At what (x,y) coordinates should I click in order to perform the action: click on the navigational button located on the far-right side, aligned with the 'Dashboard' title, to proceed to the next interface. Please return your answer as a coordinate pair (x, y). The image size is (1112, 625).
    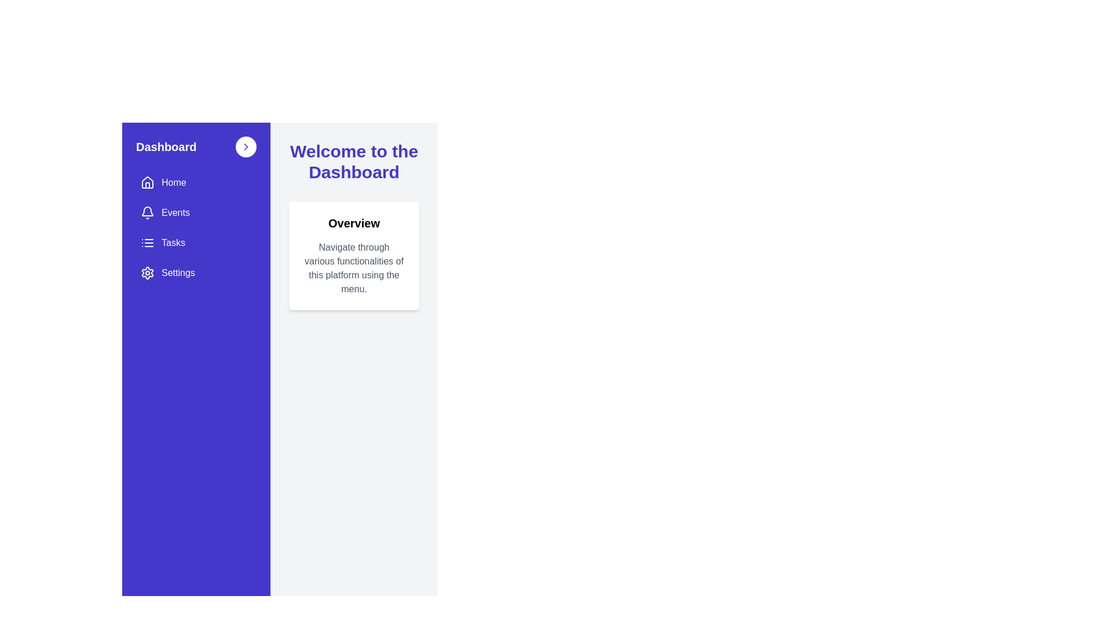
    Looking at the image, I should click on (246, 146).